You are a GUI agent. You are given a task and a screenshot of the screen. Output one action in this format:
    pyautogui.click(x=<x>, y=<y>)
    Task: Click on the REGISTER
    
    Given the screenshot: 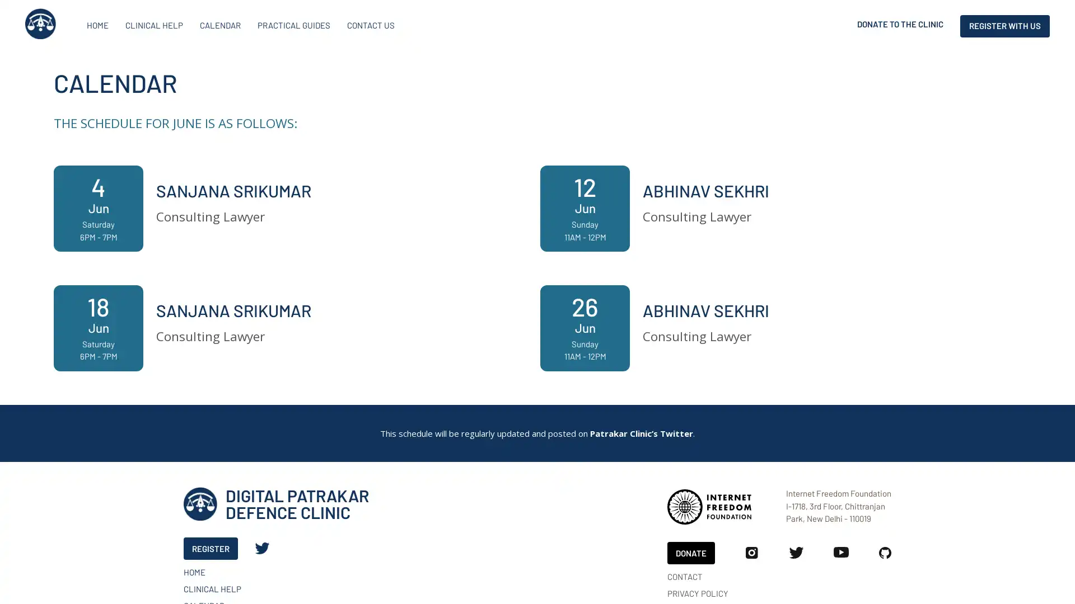 What is the action you would take?
    pyautogui.click(x=211, y=548)
    